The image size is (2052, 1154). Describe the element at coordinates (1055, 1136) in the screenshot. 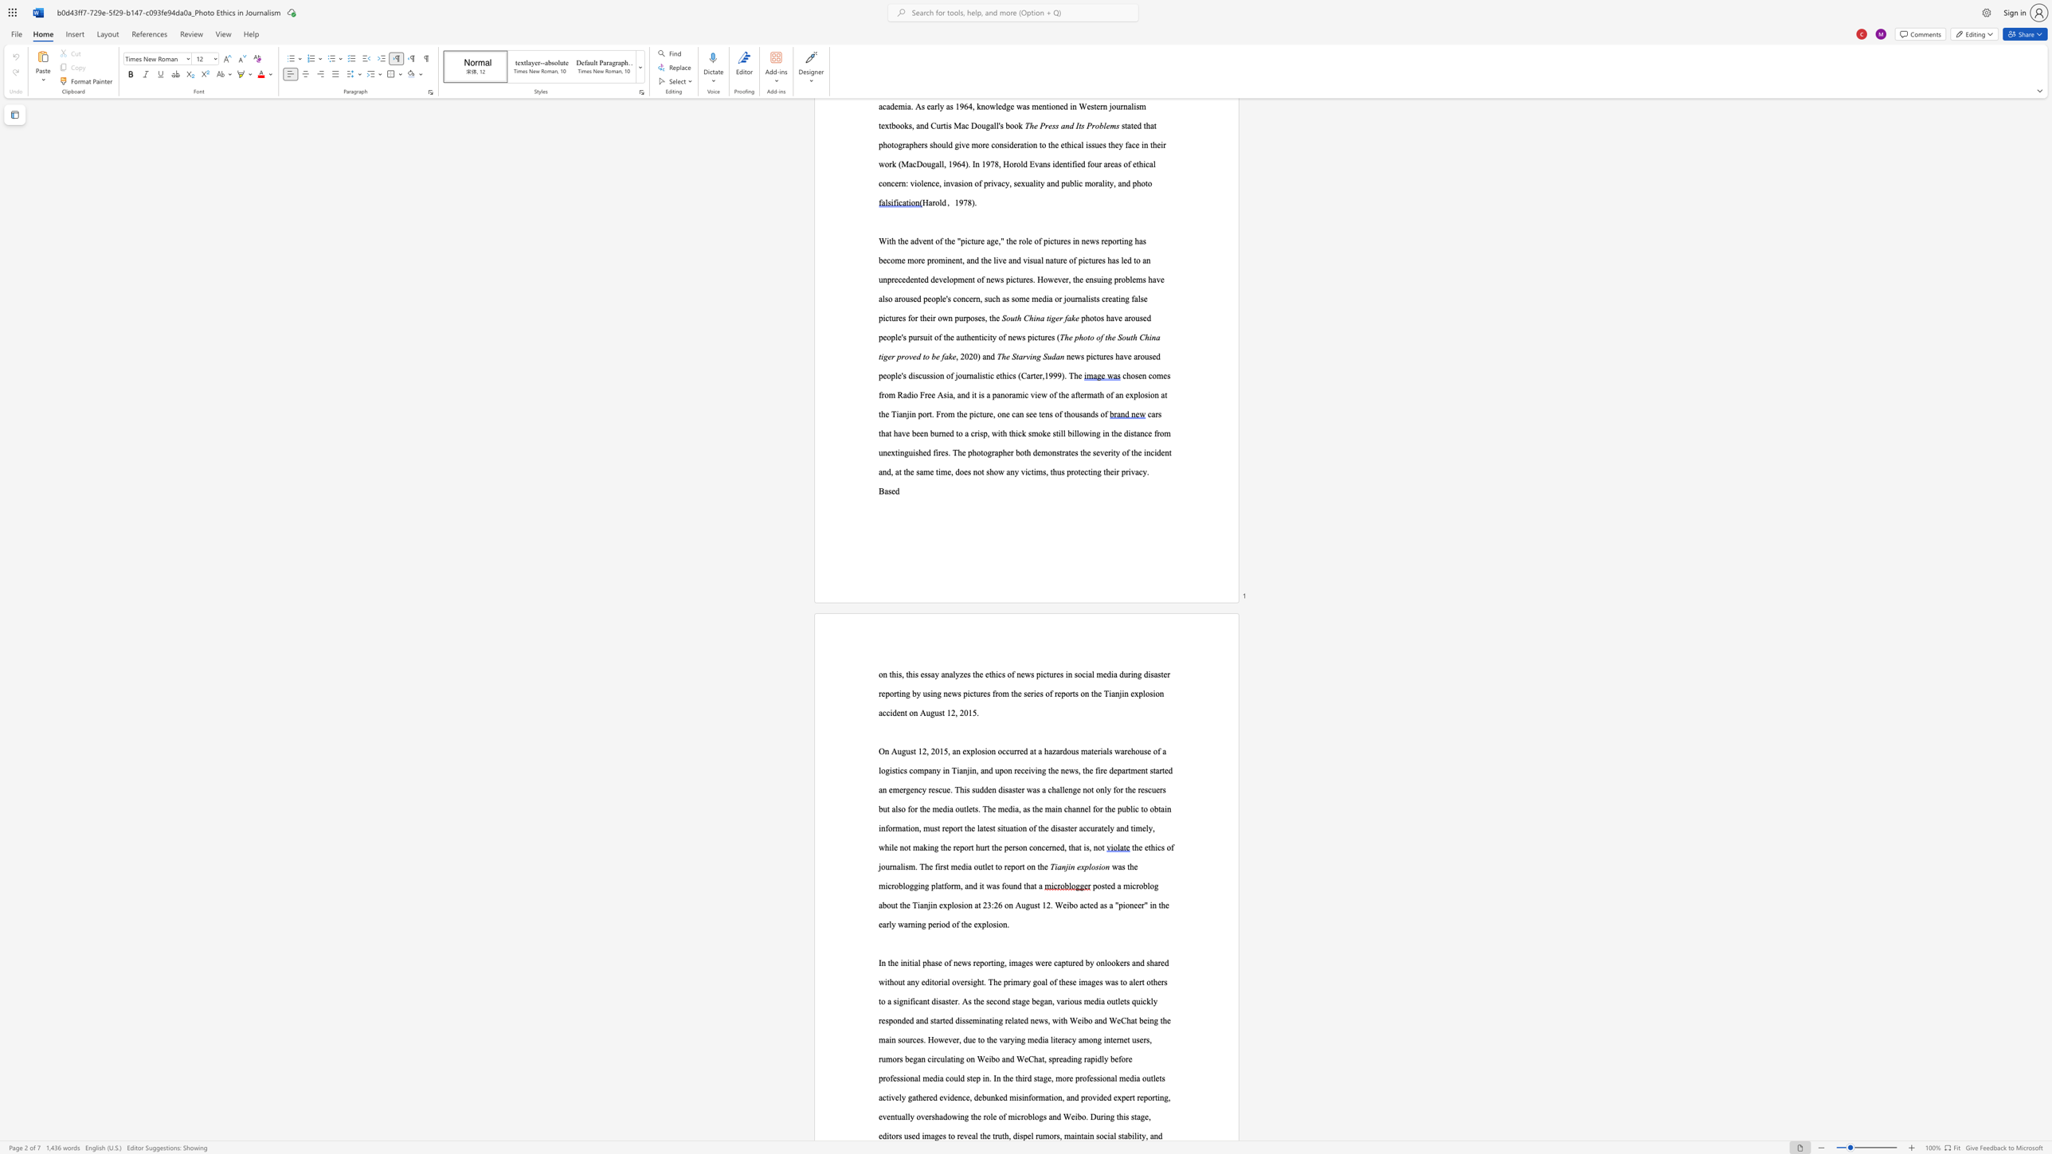

I see `the 32th character "r" in the text` at that location.